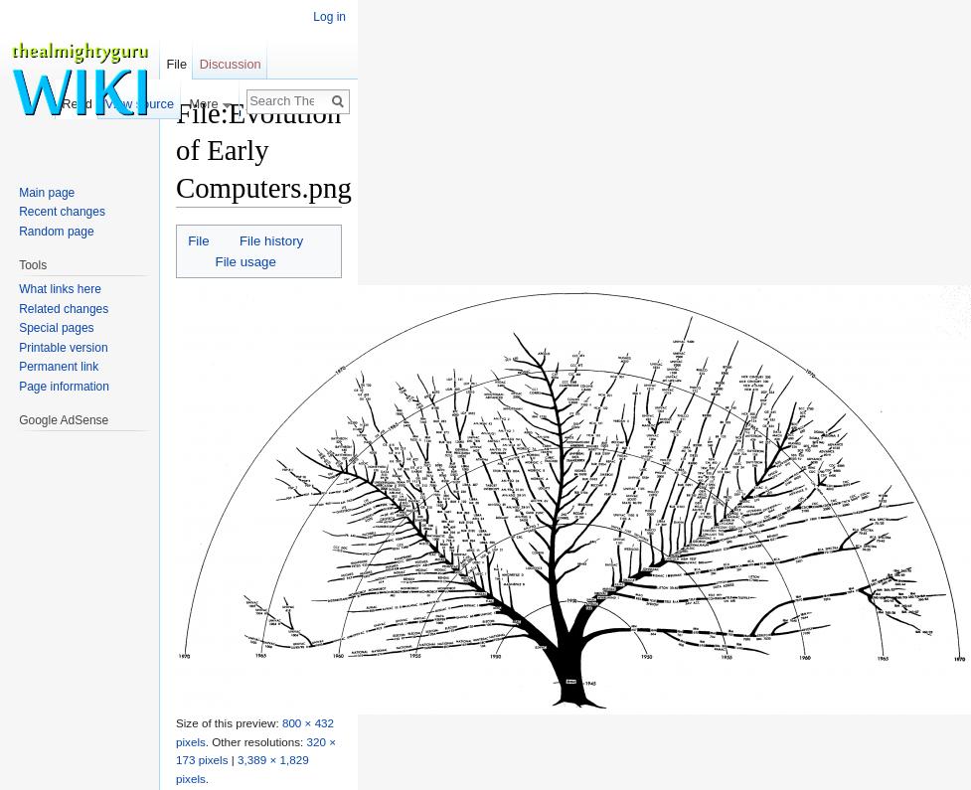 The height and width of the screenshot is (790, 971). I want to click on 'File', so click(197, 238).